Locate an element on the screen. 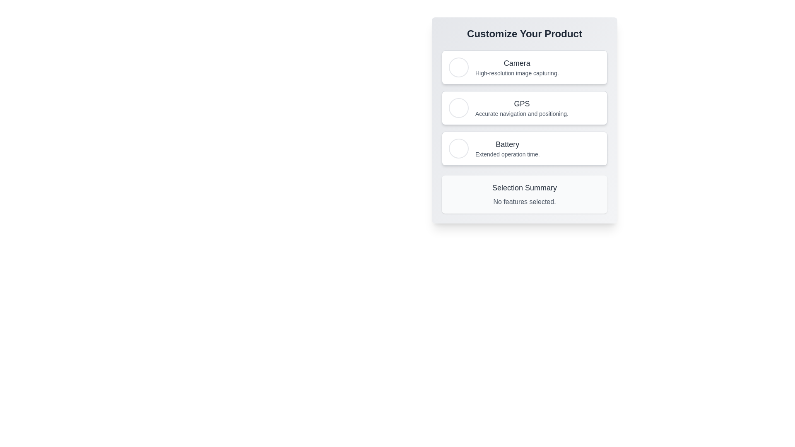 The image size is (795, 447). the text label positioned at the top of the 'Customize Your Product' feature card, adjacent to the description 'High-resolution image capturing', and to the left of the circular checkbox is located at coordinates (516, 63).